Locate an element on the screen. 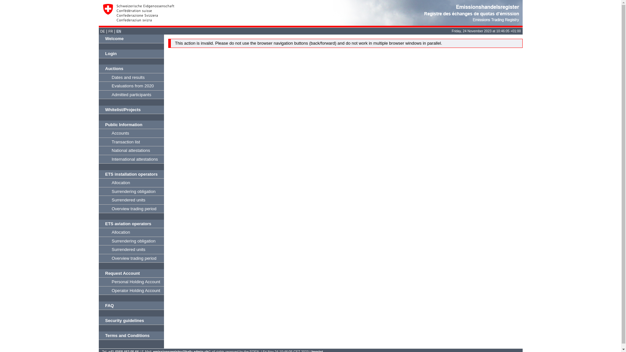 The height and width of the screenshot is (352, 626). 'Overview trading period' is located at coordinates (131, 258).